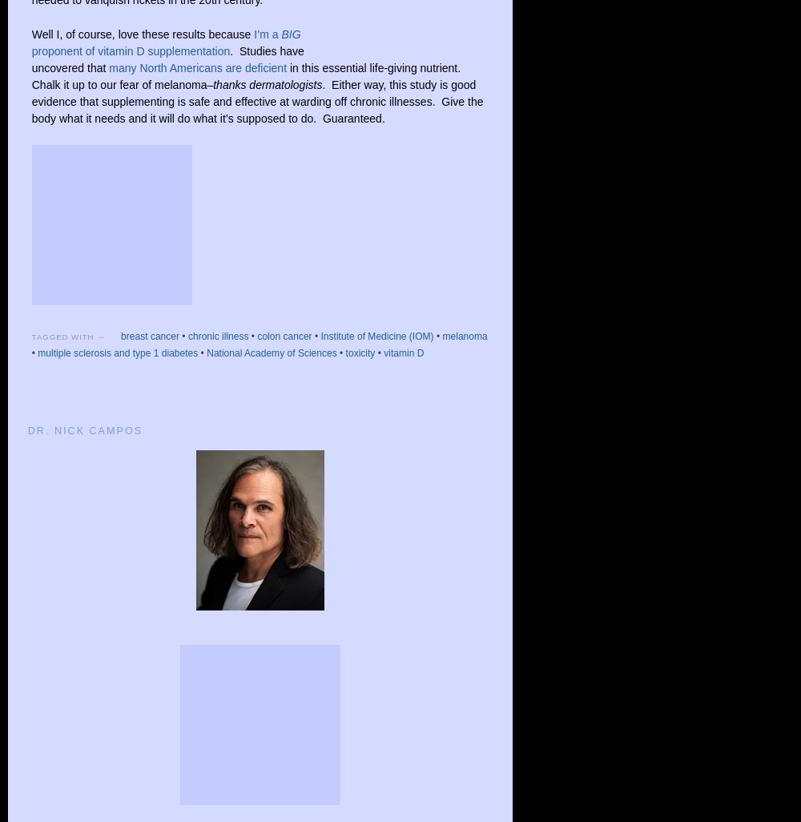 Image resolution: width=801 pixels, height=822 pixels. I want to click on 'in this essential life-giving nutrient.  Chalk it up to our fear of melanoma–', so click(248, 75).